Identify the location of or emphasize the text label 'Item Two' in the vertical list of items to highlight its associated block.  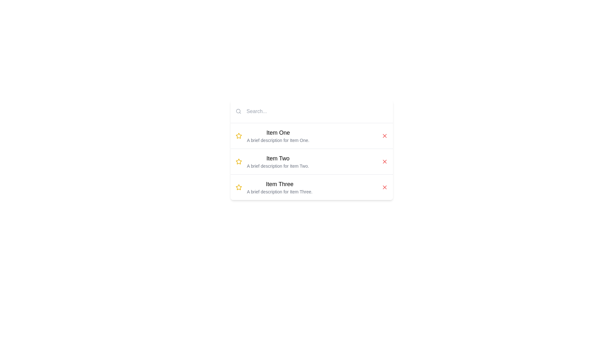
(278, 158).